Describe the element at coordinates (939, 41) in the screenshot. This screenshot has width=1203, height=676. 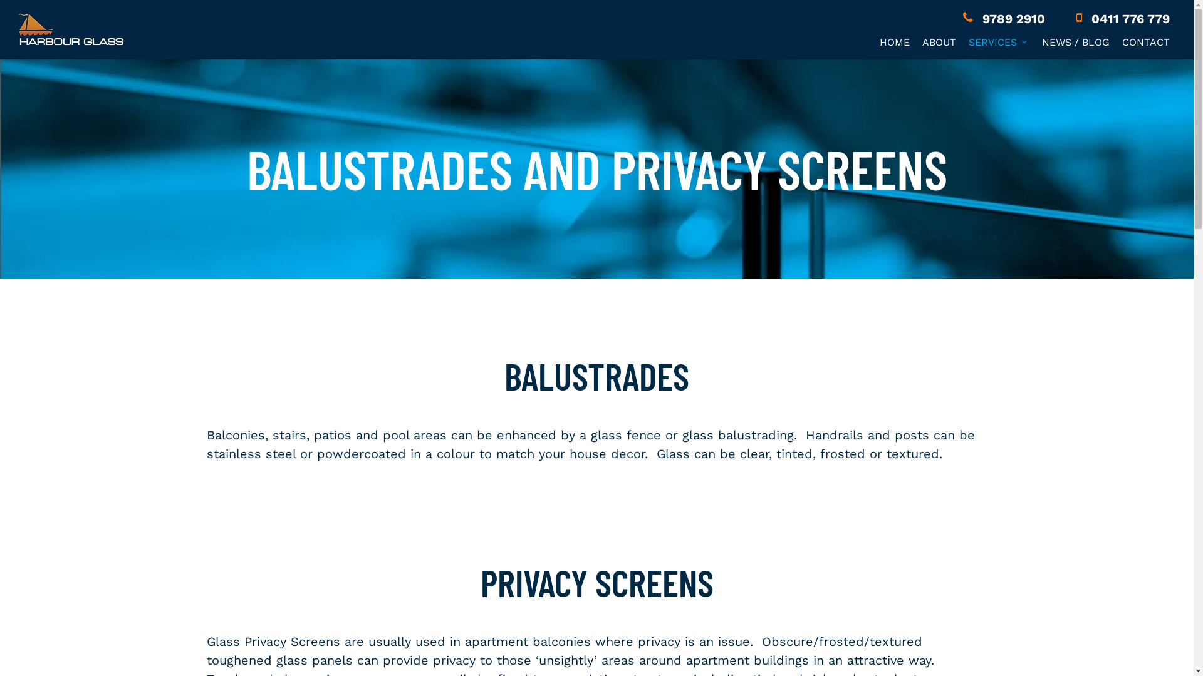
I see `'ABOUT'` at that location.